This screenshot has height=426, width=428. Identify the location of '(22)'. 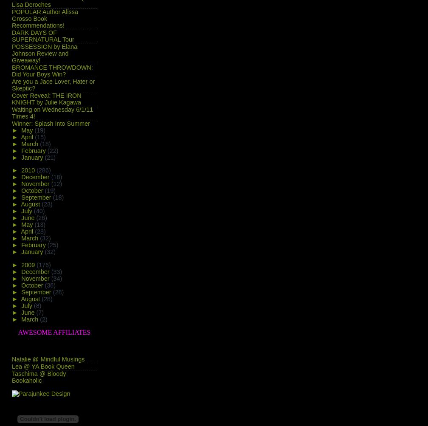
(47, 150).